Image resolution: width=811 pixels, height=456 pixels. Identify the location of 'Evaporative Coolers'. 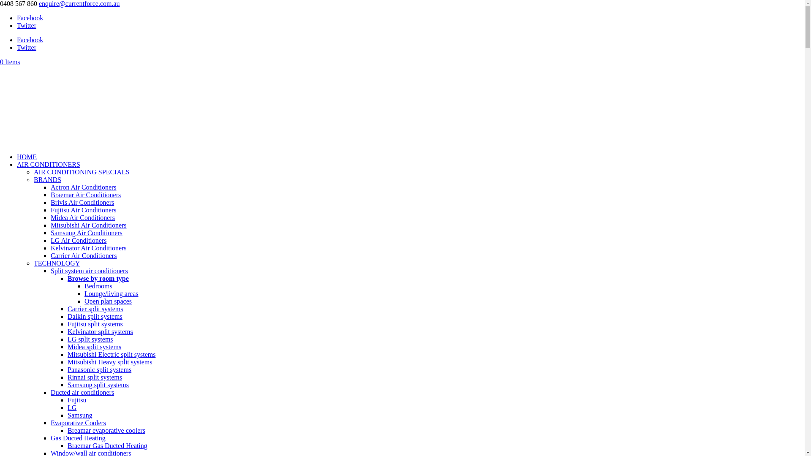
(78, 423).